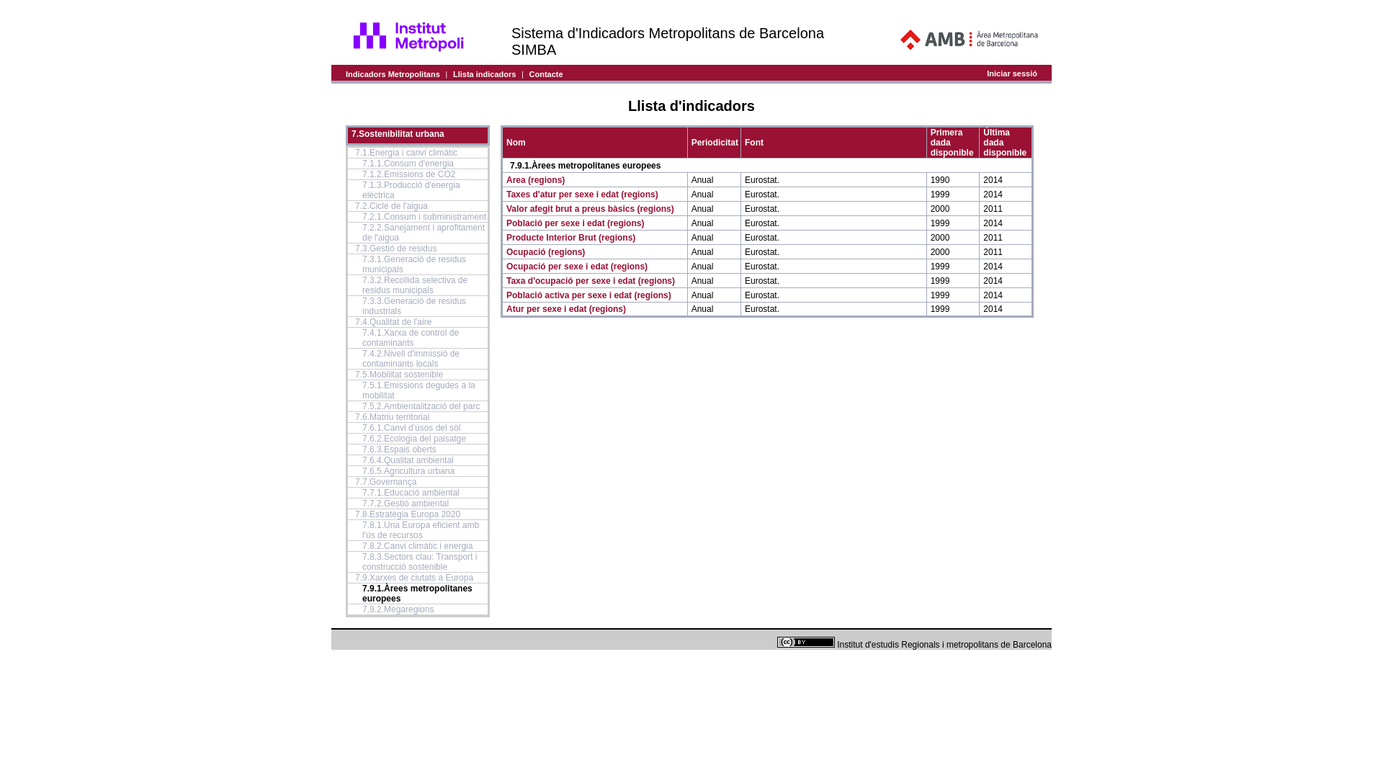  What do you see at coordinates (362, 449) in the screenshot?
I see `'7.6.3.Espais oberts'` at bounding box center [362, 449].